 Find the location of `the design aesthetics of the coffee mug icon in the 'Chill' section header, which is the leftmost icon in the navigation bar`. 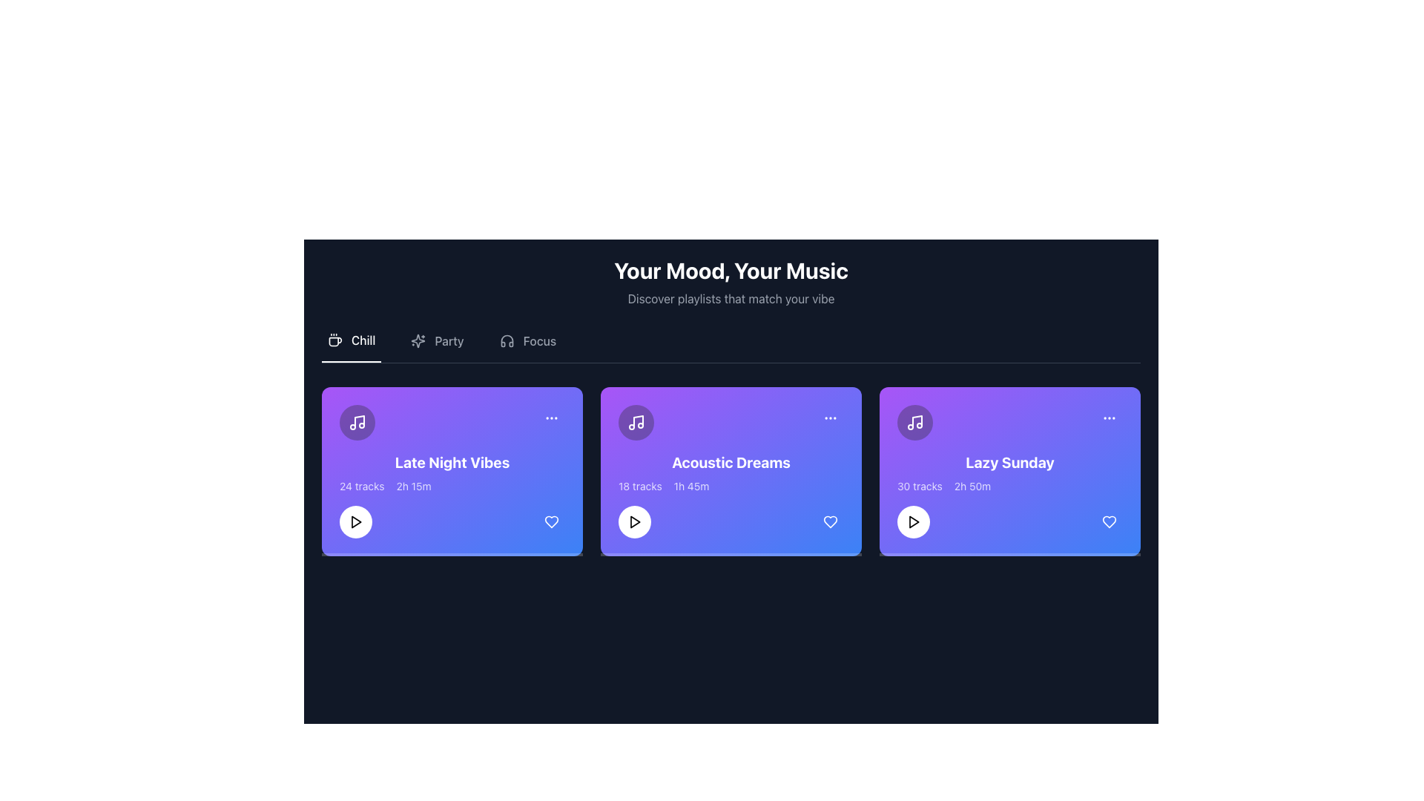

the design aesthetics of the coffee mug icon in the 'Chill' section header, which is the leftmost icon in the navigation bar is located at coordinates (334, 340).